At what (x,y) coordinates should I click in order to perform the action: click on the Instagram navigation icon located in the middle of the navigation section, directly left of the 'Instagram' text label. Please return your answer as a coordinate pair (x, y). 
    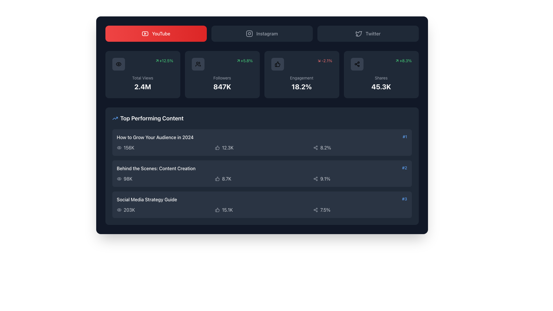
    Looking at the image, I should click on (249, 33).